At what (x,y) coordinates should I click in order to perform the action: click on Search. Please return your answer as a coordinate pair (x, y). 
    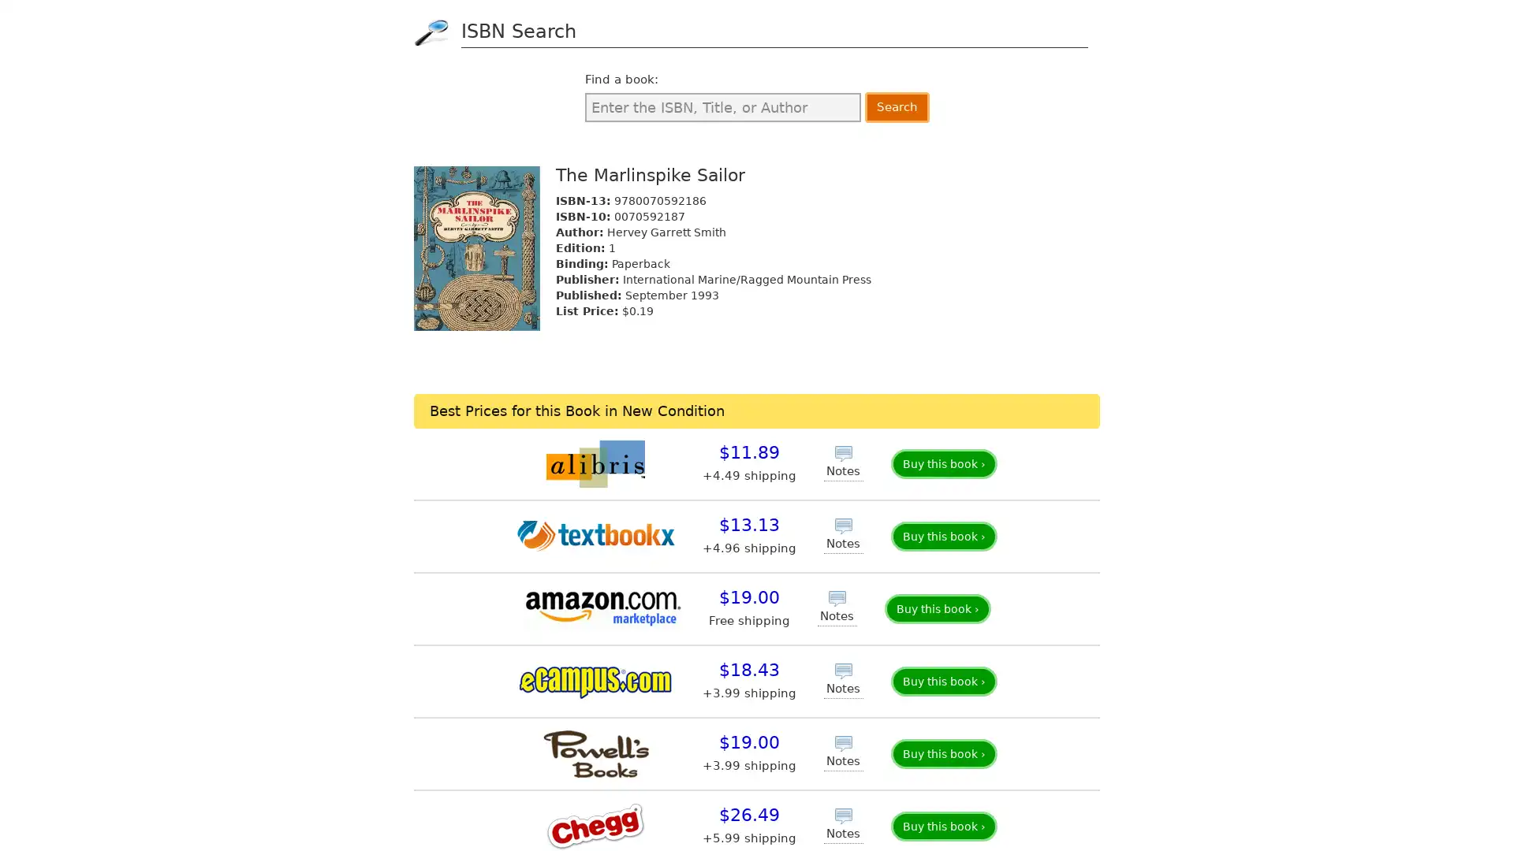
    Looking at the image, I should click on (897, 106).